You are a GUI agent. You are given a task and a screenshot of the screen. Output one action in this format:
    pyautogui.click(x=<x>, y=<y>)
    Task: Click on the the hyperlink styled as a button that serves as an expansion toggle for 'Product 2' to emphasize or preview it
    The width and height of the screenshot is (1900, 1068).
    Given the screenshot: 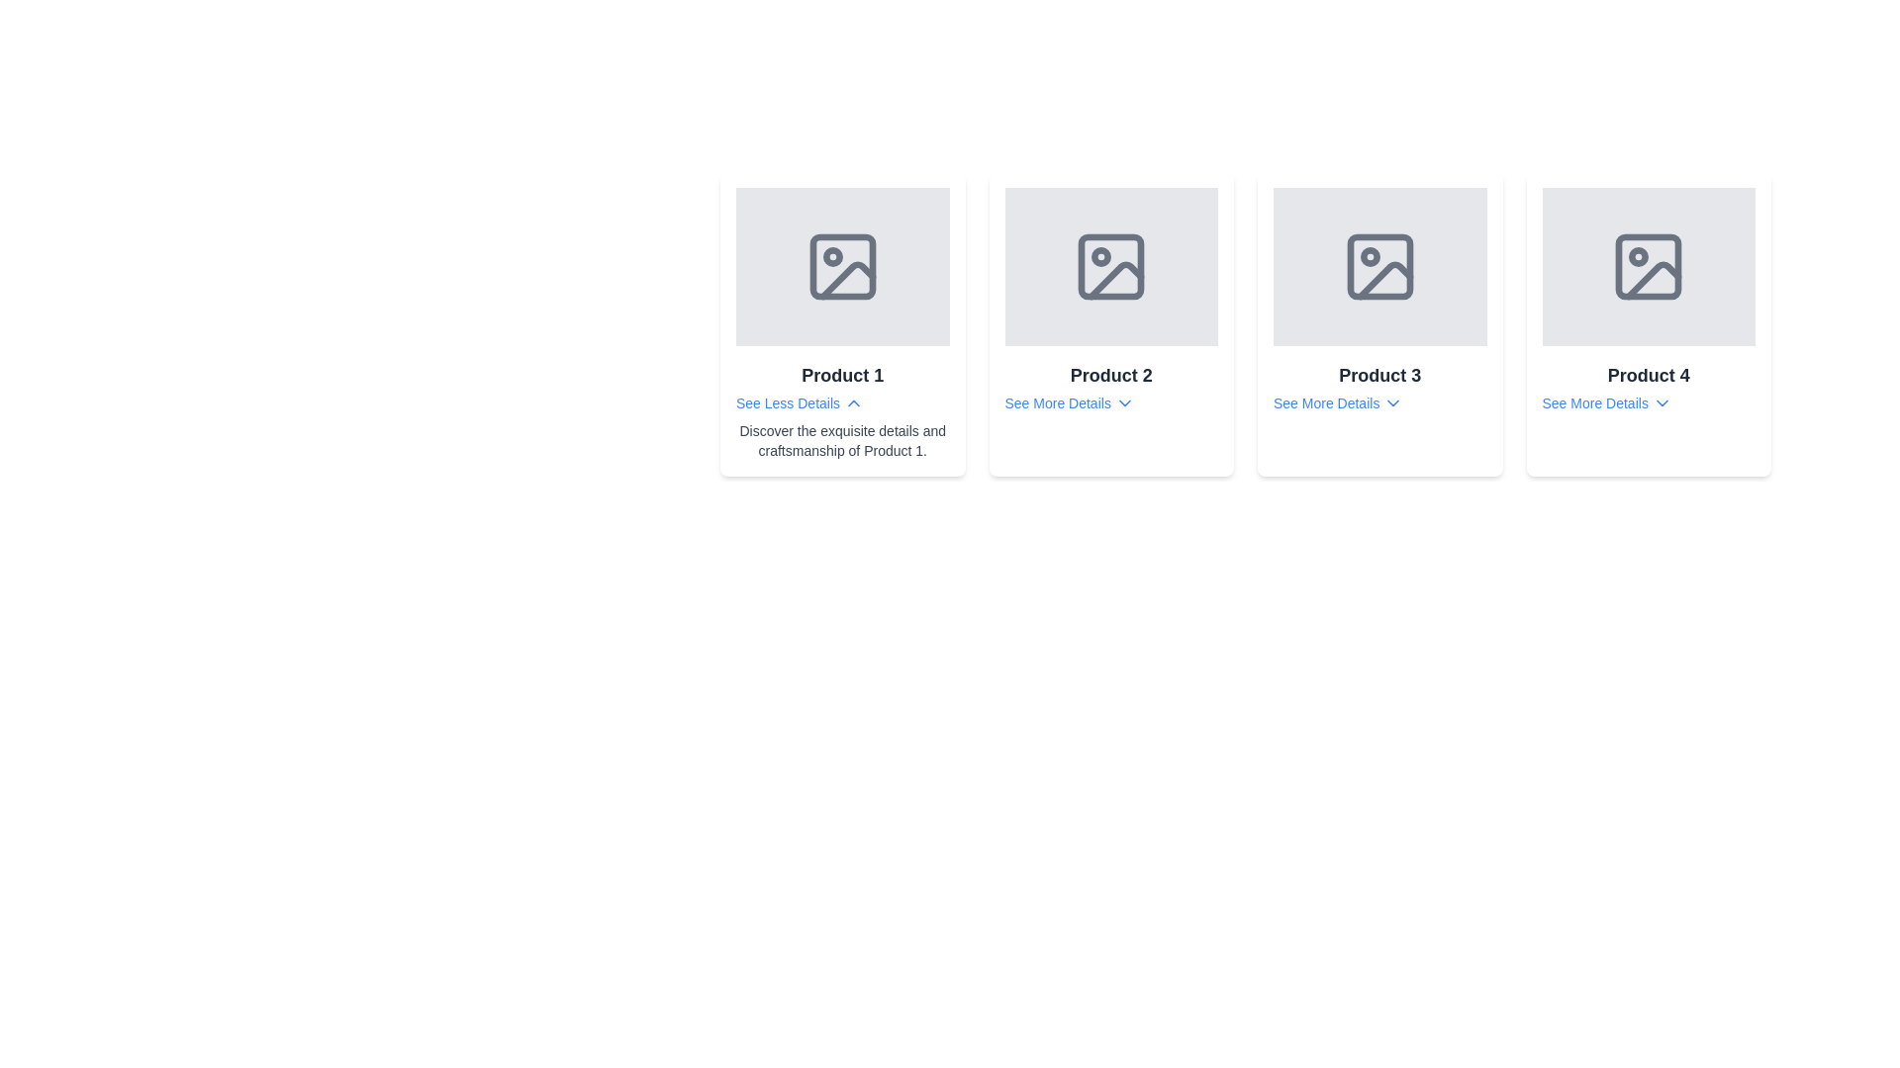 What is the action you would take?
    pyautogui.click(x=1069, y=402)
    